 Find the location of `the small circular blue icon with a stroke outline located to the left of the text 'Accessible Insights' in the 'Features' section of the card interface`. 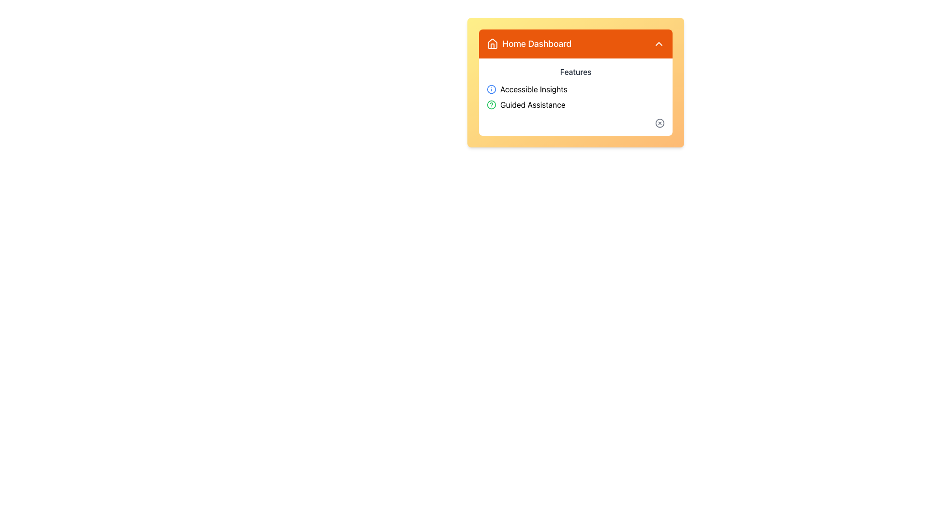

the small circular blue icon with a stroke outline located to the left of the text 'Accessible Insights' in the 'Features' section of the card interface is located at coordinates (492, 89).